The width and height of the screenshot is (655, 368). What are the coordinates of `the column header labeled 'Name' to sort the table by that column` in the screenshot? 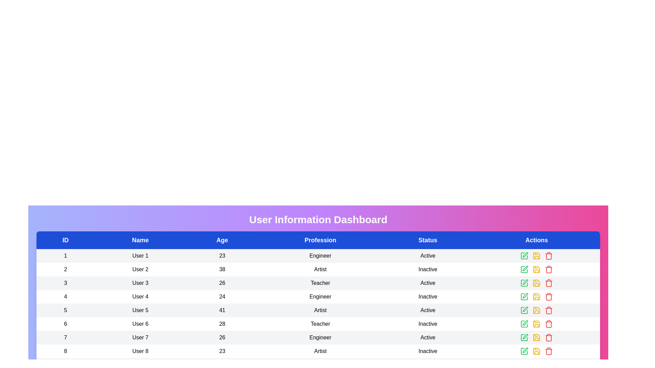 It's located at (140, 240).